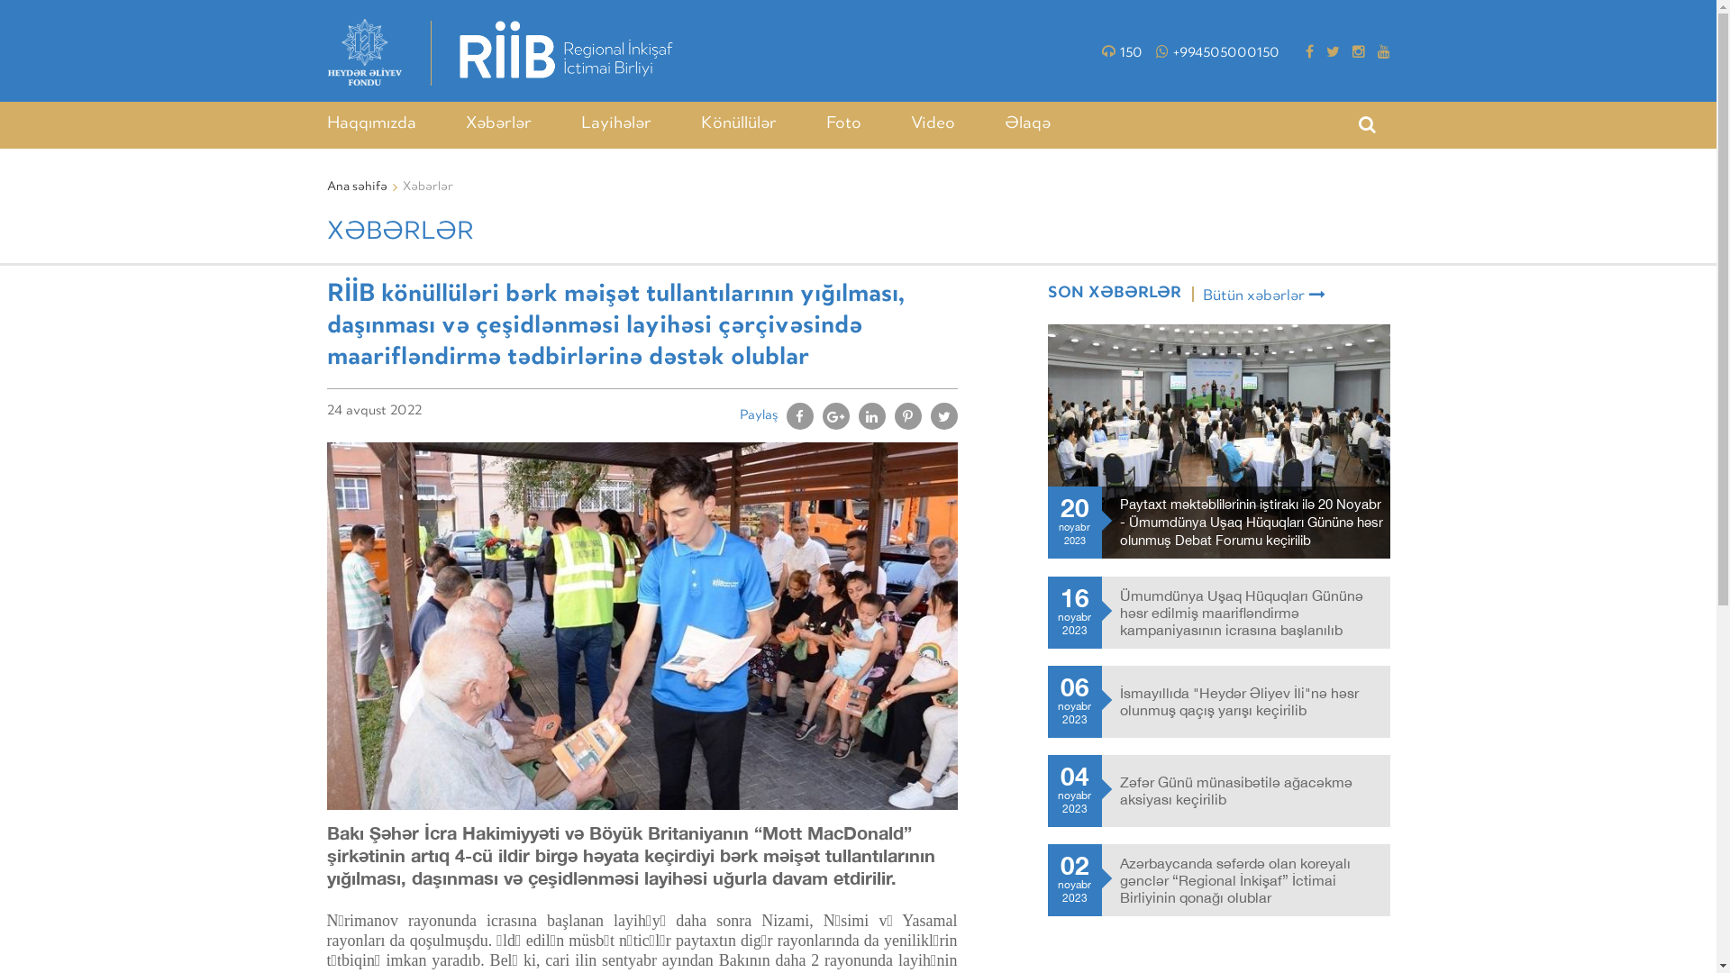  I want to click on 'Foto', so click(842, 123).